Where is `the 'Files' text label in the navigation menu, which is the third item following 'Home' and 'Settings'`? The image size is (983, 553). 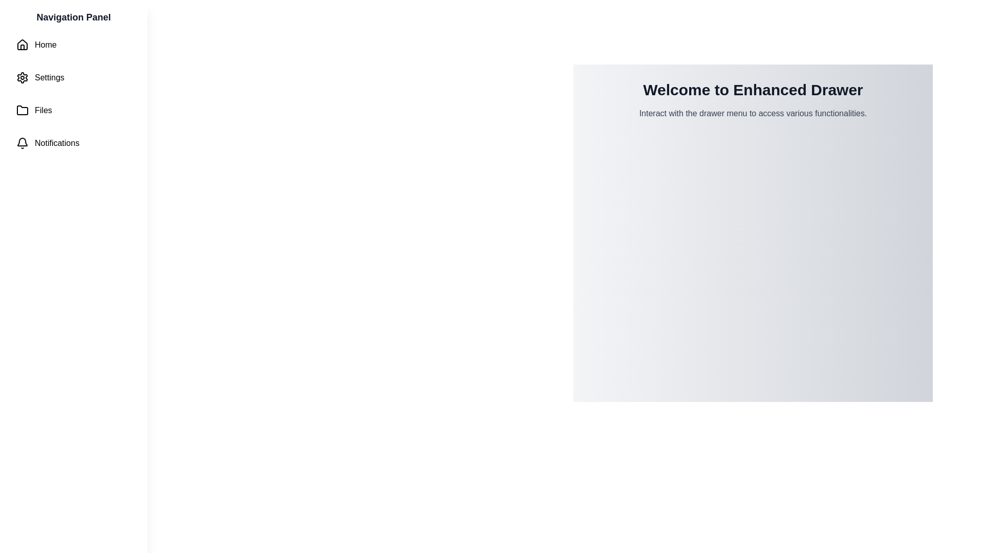 the 'Files' text label in the navigation menu, which is the third item following 'Home' and 'Settings' is located at coordinates (42, 111).